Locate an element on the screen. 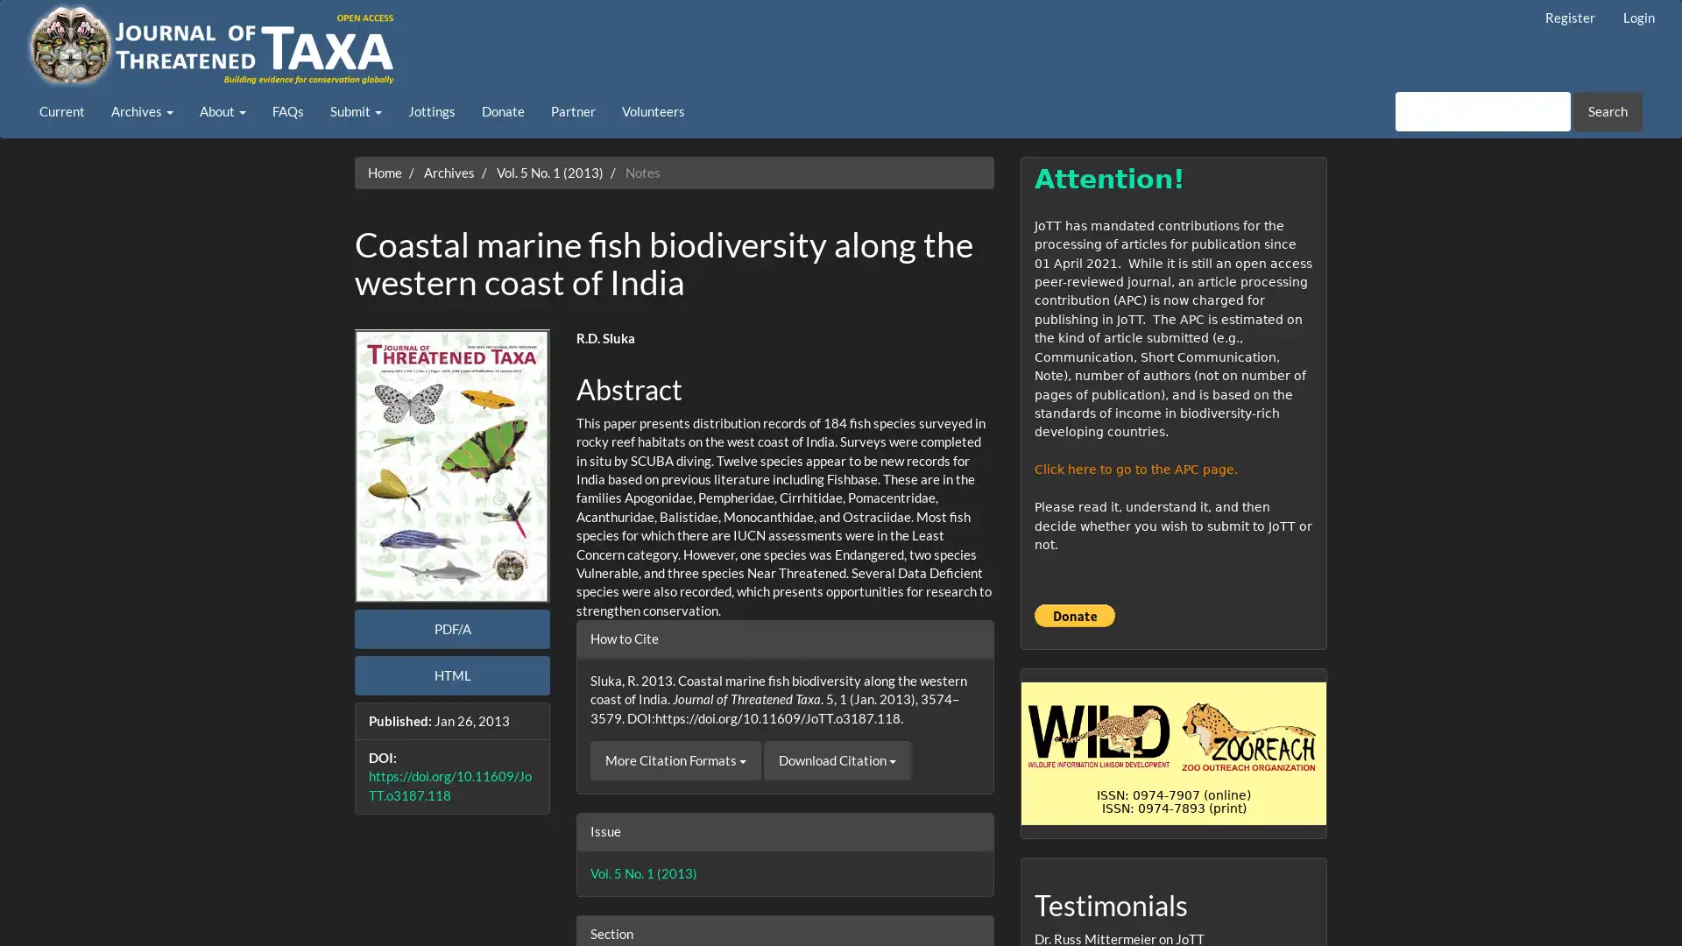  Search is located at coordinates (1608, 111).